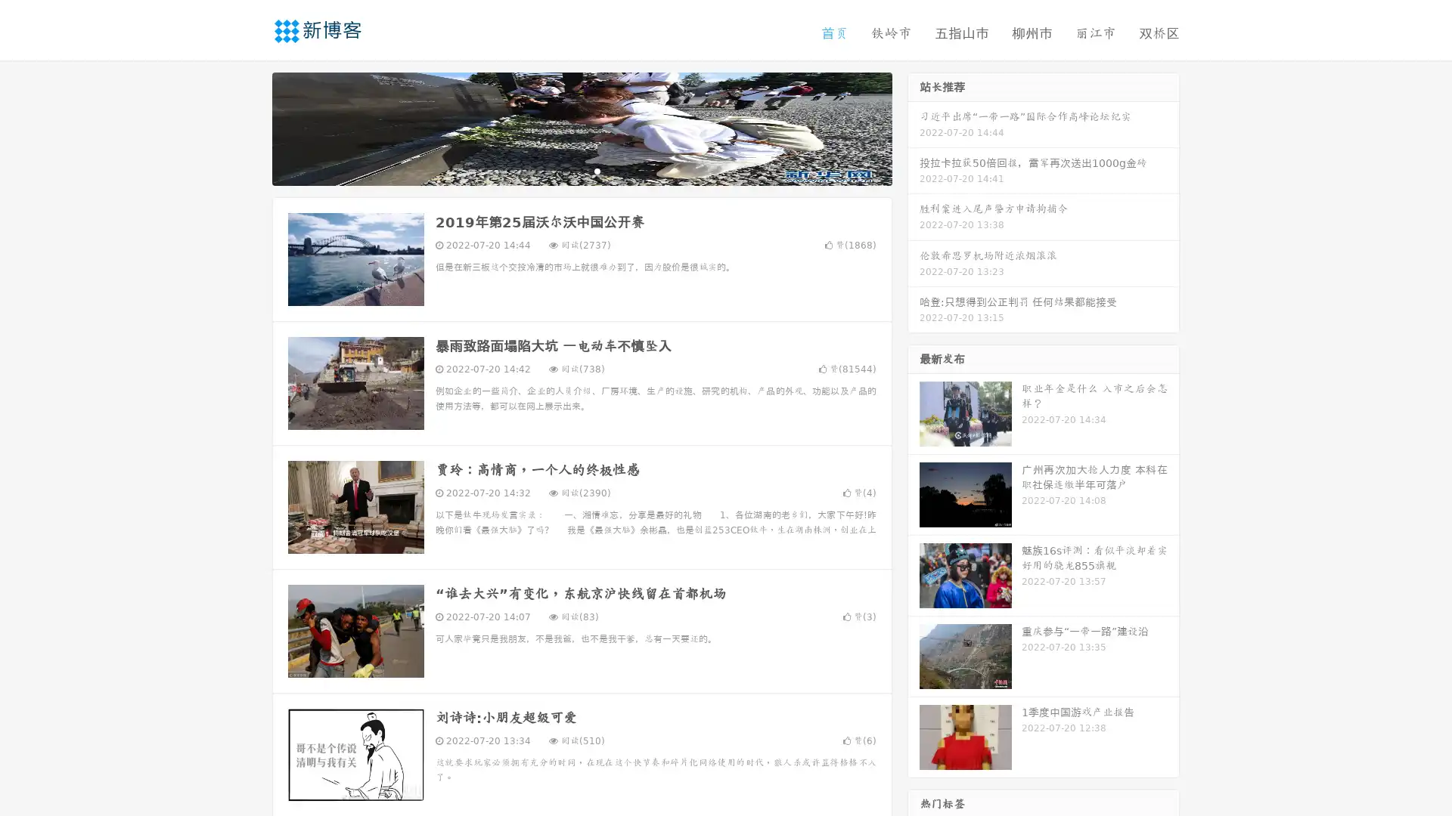  I want to click on Go to slide 2, so click(581, 170).